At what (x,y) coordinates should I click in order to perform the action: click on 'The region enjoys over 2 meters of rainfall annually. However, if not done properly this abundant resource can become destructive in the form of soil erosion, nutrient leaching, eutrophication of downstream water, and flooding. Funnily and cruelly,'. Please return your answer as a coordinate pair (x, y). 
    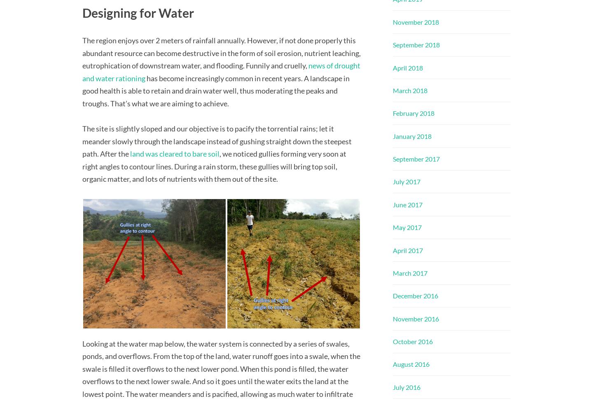
    Looking at the image, I should click on (82, 52).